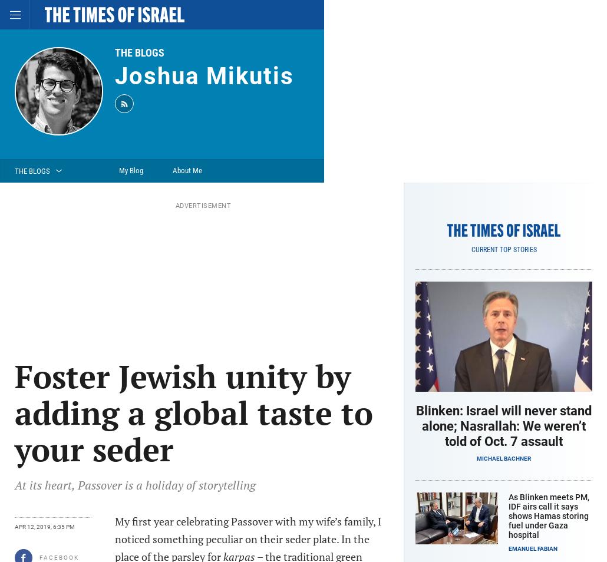 The image size is (607, 562). What do you see at coordinates (415, 426) in the screenshot?
I see `'Blinken: Israel will never stand alone; Nasrallah: We weren’t told of Oct. 7 assault'` at bounding box center [415, 426].